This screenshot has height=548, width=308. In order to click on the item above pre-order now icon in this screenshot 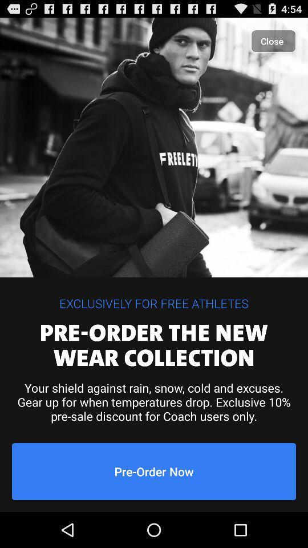, I will do `click(154, 402)`.